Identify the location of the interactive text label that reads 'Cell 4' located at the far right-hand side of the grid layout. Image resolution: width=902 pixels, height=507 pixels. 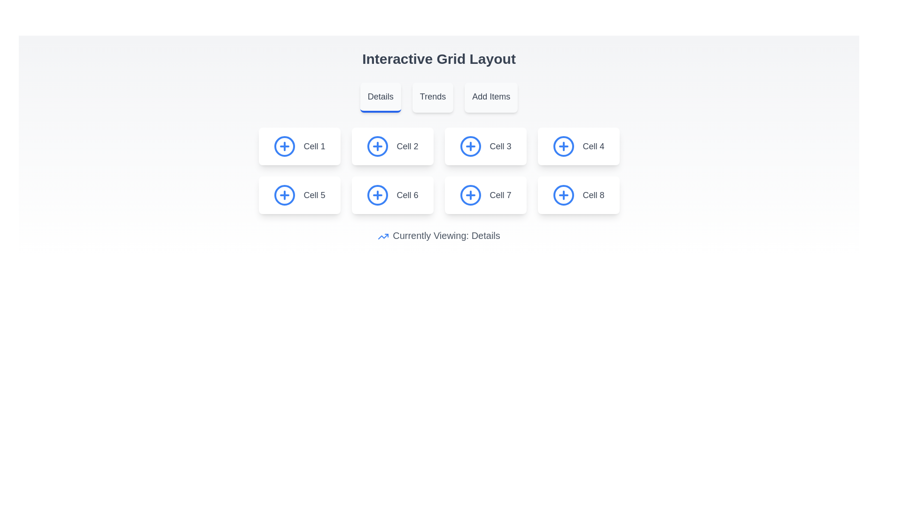
(593, 146).